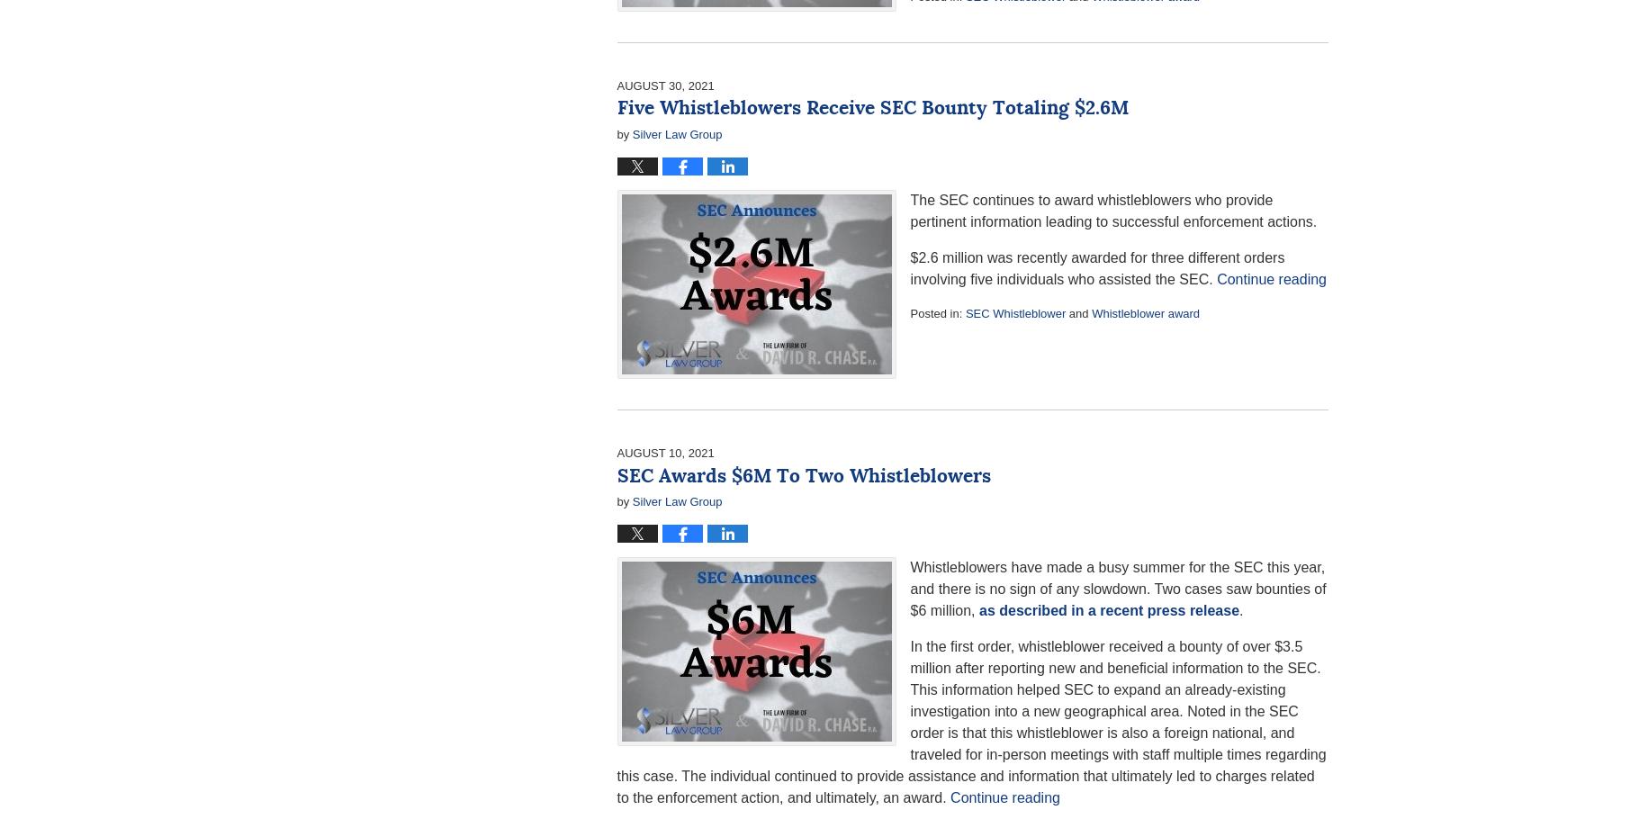 The image size is (1630, 828). I want to click on 'The SEC continues to award whistleblowers who provide pertinent information leading to successful enforcement actions.', so click(910, 211).